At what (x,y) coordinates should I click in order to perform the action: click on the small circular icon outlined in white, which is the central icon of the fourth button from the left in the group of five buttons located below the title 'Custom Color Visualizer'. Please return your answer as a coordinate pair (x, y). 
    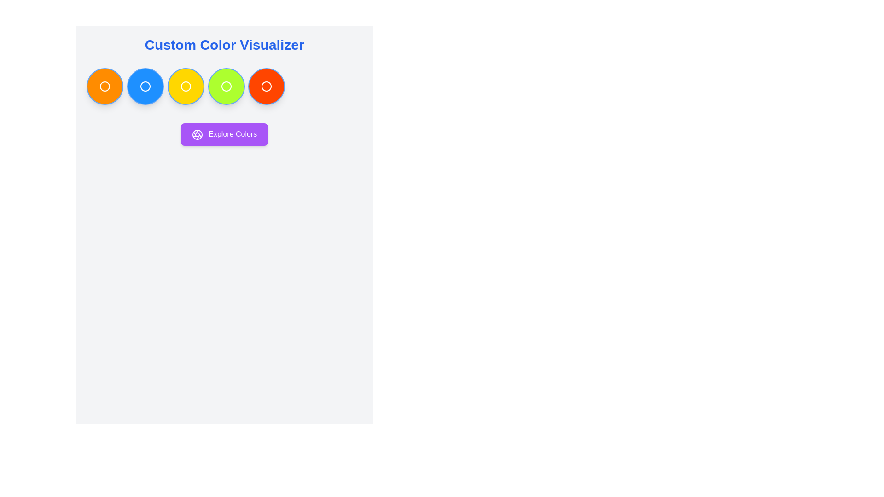
    Looking at the image, I should click on (226, 87).